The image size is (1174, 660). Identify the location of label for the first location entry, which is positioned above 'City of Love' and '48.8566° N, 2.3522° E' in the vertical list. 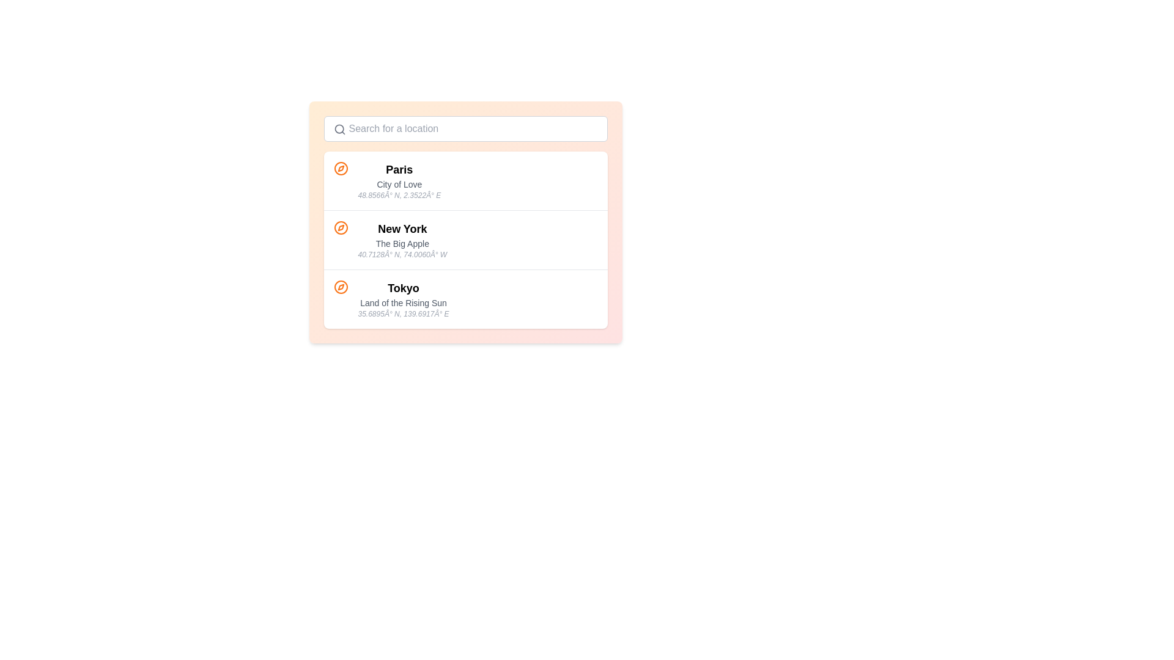
(399, 169).